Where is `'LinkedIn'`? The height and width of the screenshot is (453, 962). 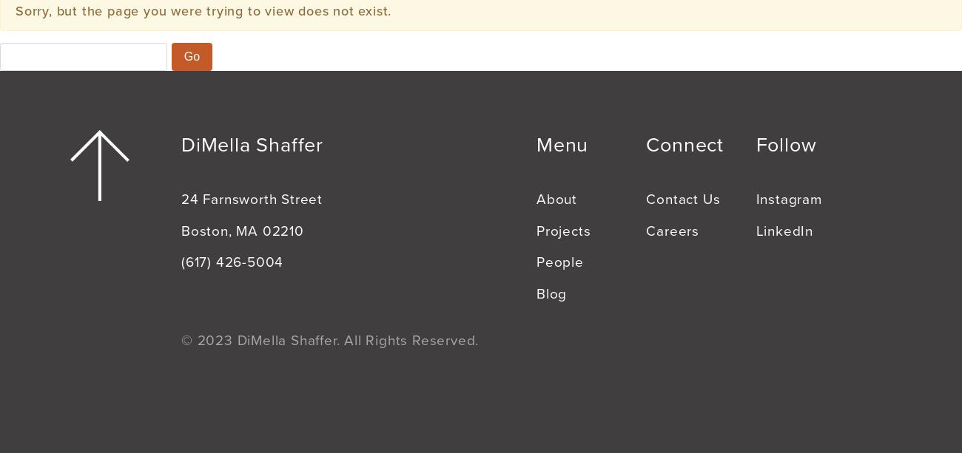
'LinkedIn' is located at coordinates (784, 230).